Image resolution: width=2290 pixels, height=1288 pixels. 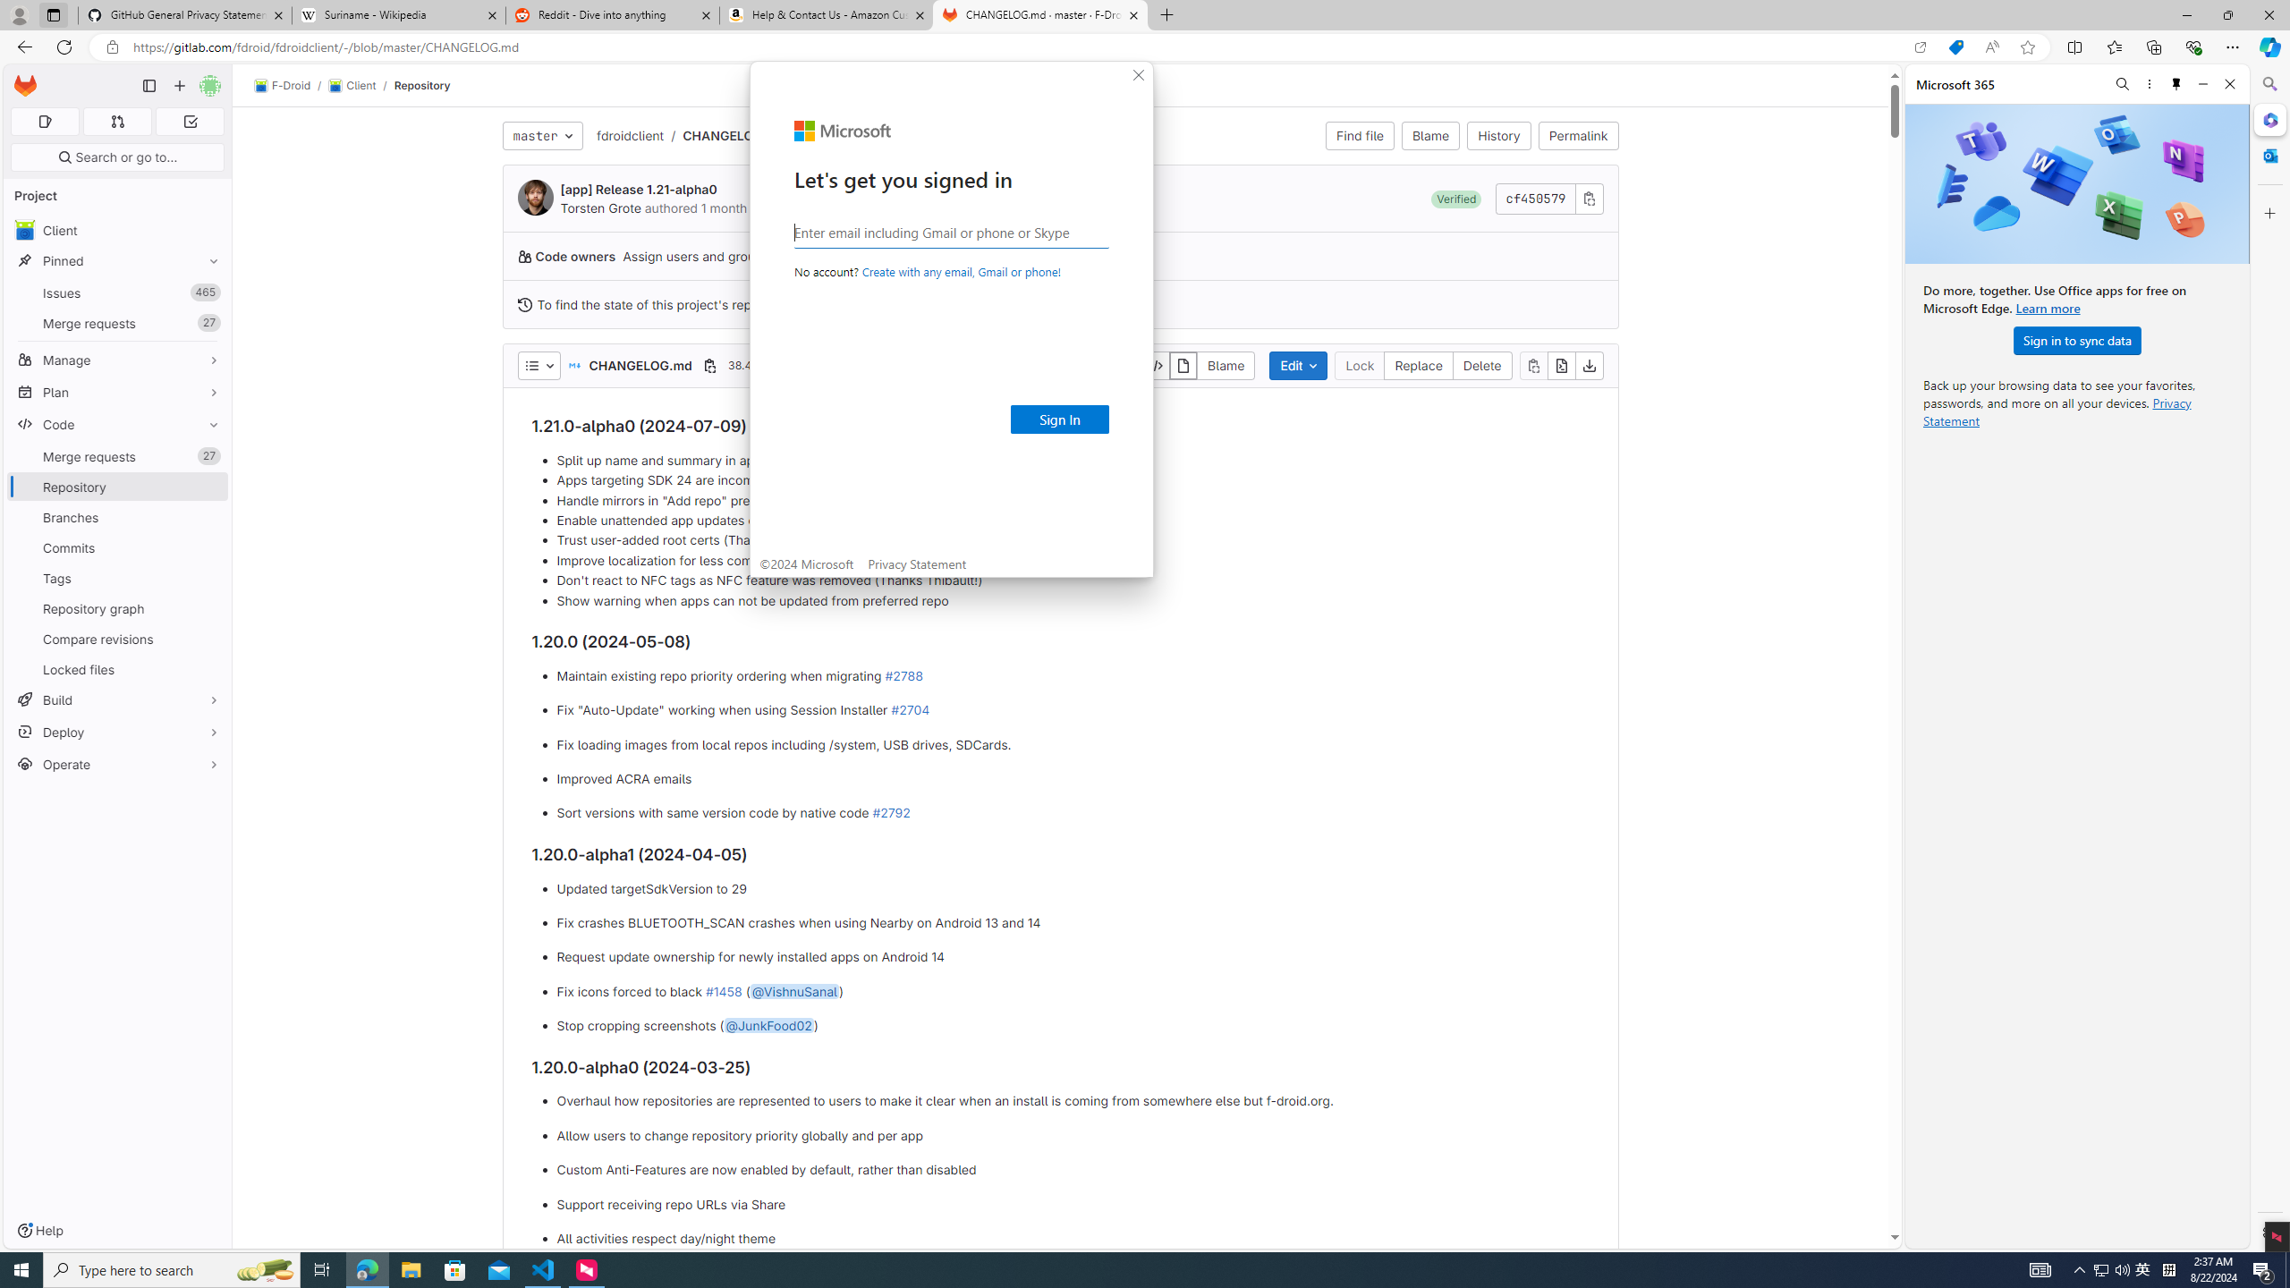 I want to click on 'Primary navigation sidebar', so click(x=148, y=85).